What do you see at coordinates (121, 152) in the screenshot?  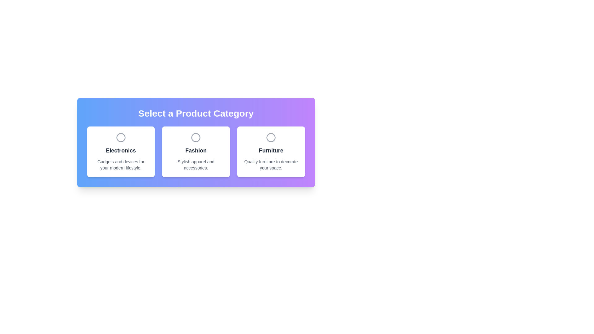 I see `the 'Electronics' category card, which is the first card in the list with a white background and rounded edges` at bounding box center [121, 152].